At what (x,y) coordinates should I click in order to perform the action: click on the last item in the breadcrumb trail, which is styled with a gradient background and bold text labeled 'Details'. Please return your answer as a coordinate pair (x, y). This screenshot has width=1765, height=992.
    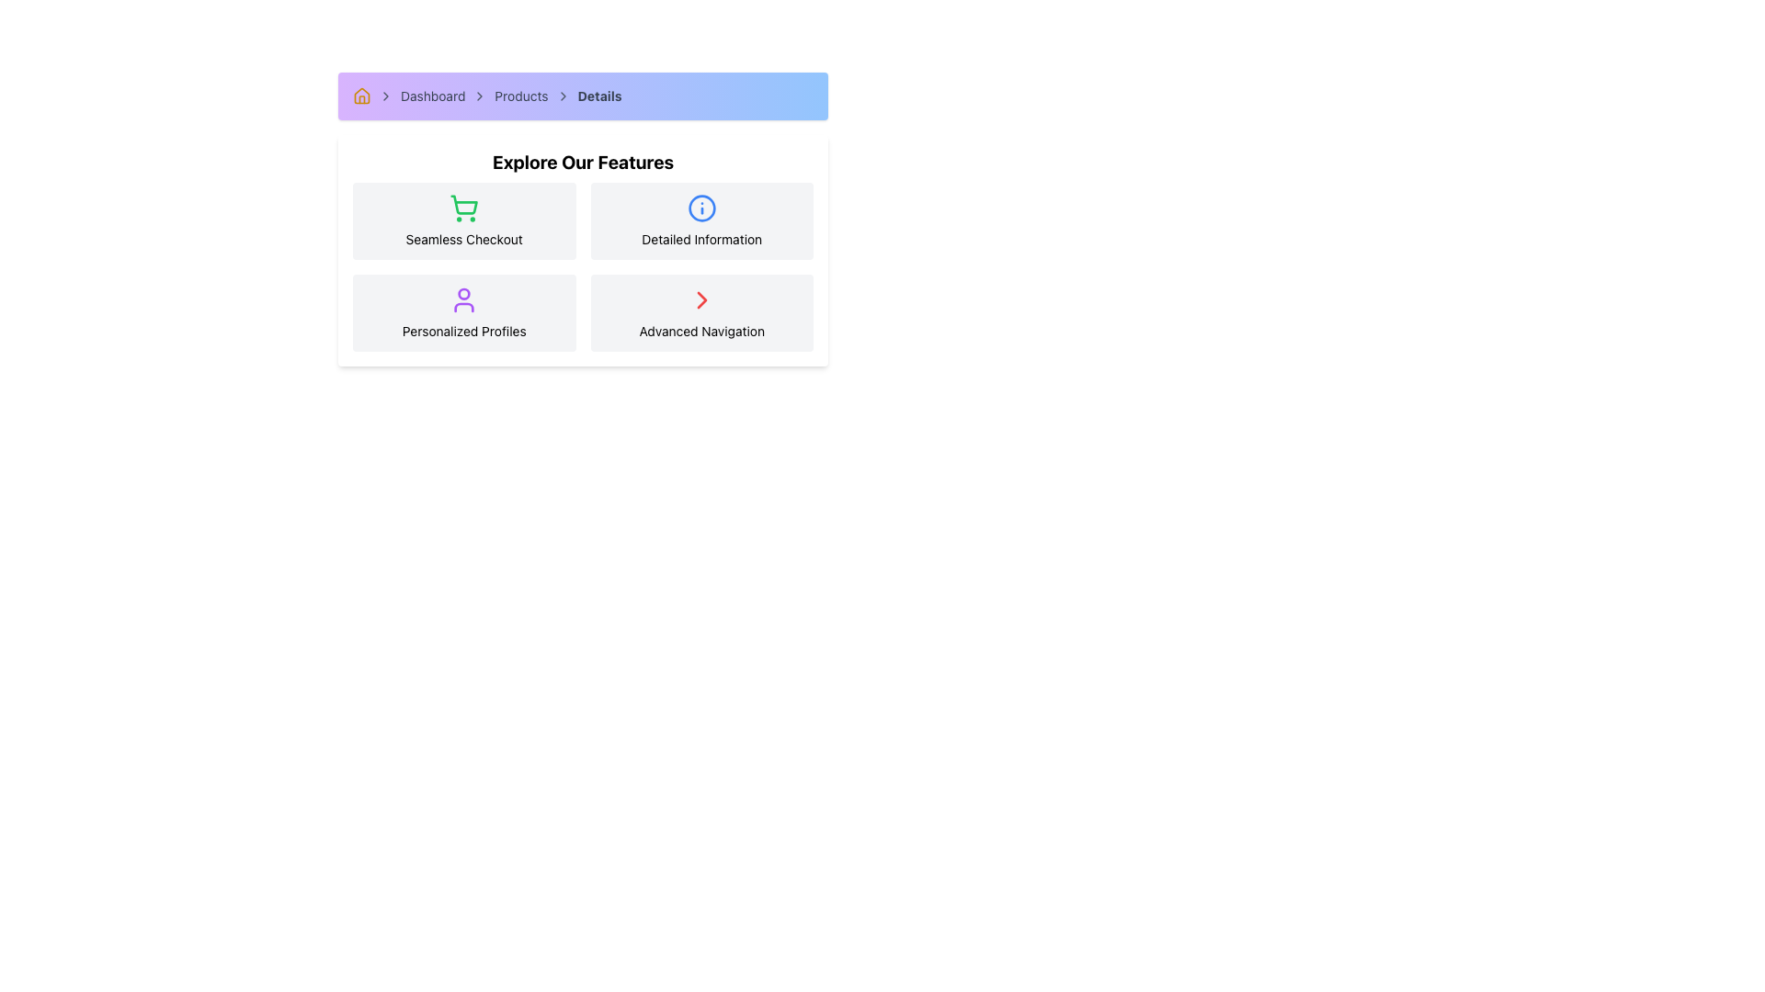
    Looking at the image, I should click on (582, 96).